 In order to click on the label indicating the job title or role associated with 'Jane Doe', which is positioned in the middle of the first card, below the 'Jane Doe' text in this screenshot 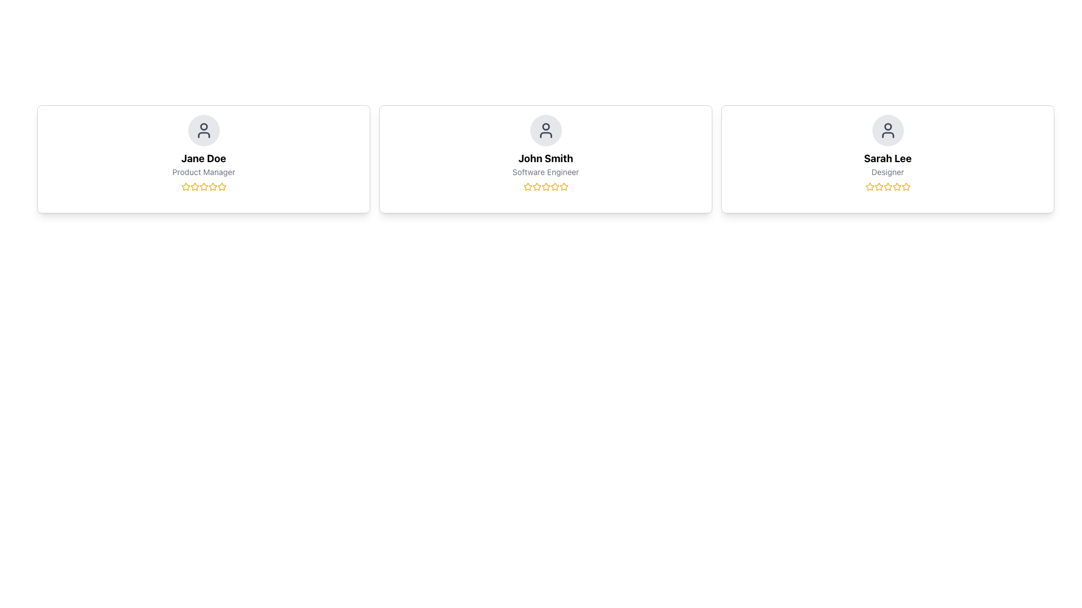, I will do `click(203, 172)`.